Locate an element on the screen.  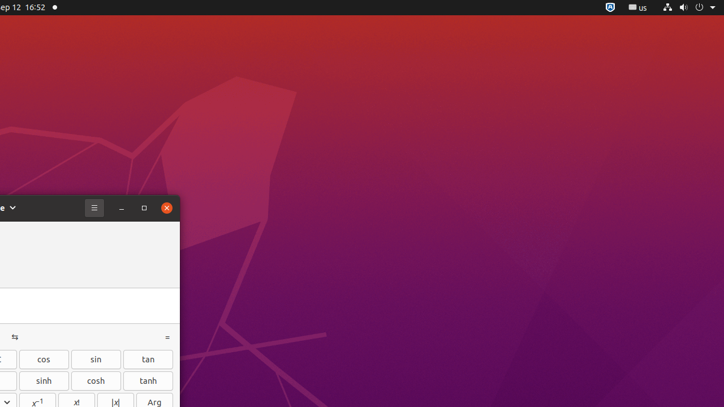
'tan' is located at coordinates (148, 359).